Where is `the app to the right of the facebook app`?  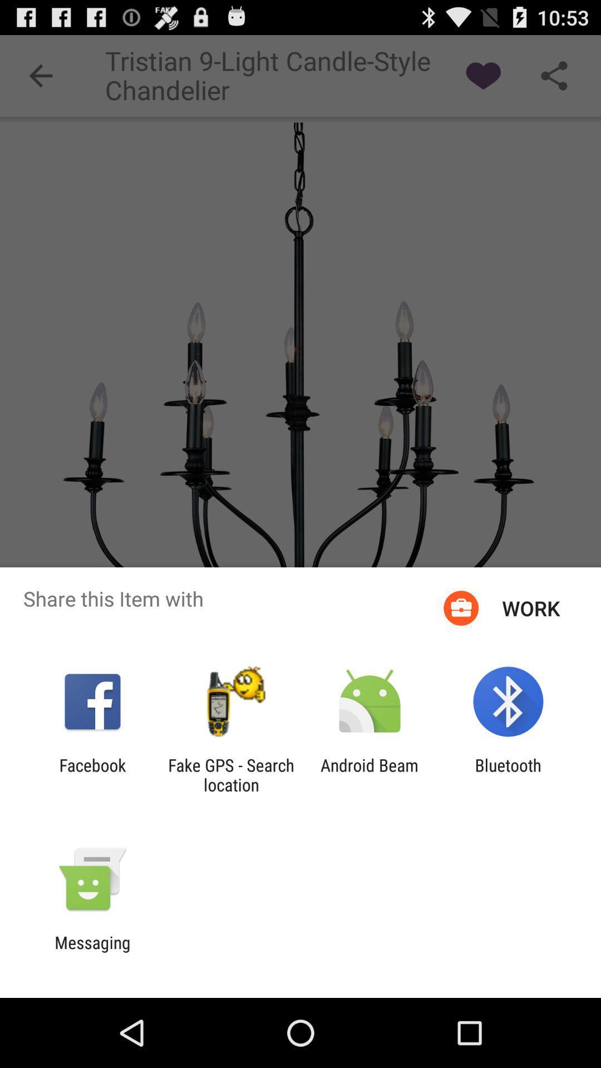 the app to the right of the facebook app is located at coordinates (230, 774).